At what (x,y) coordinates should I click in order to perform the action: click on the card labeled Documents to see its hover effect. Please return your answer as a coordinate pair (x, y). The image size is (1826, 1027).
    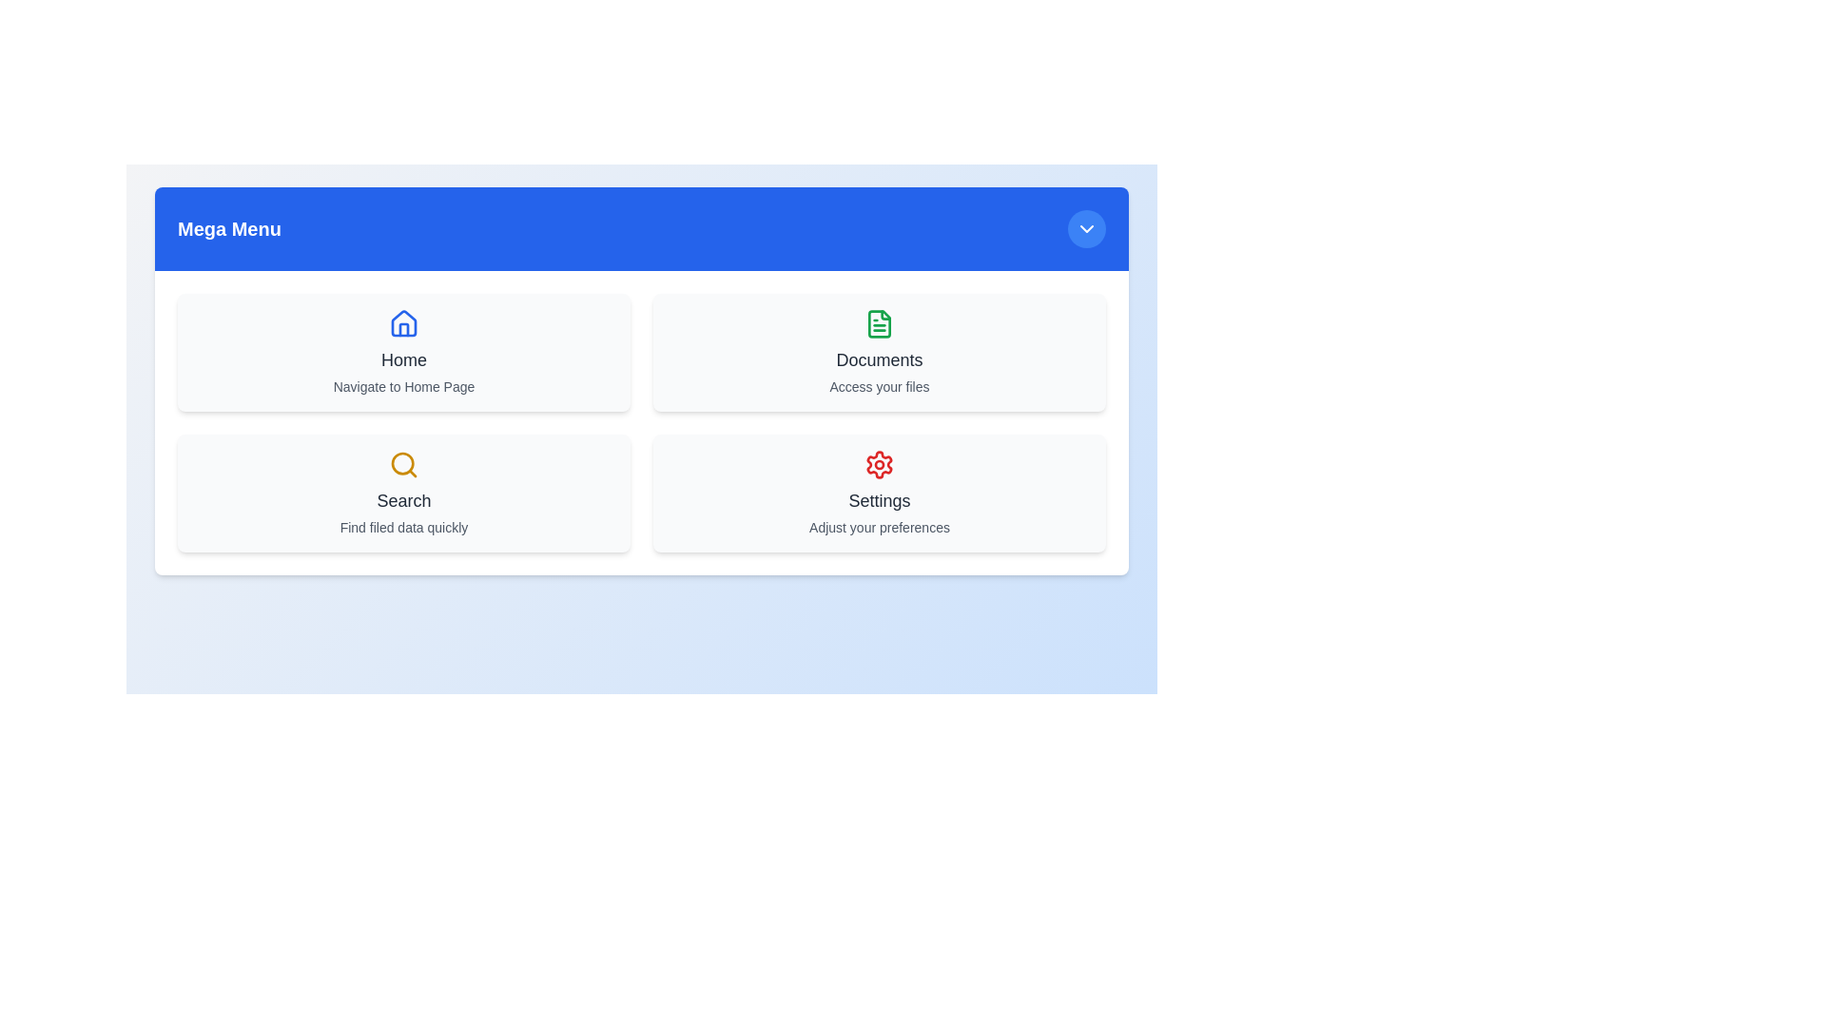
    Looking at the image, I should click on (879, 352).